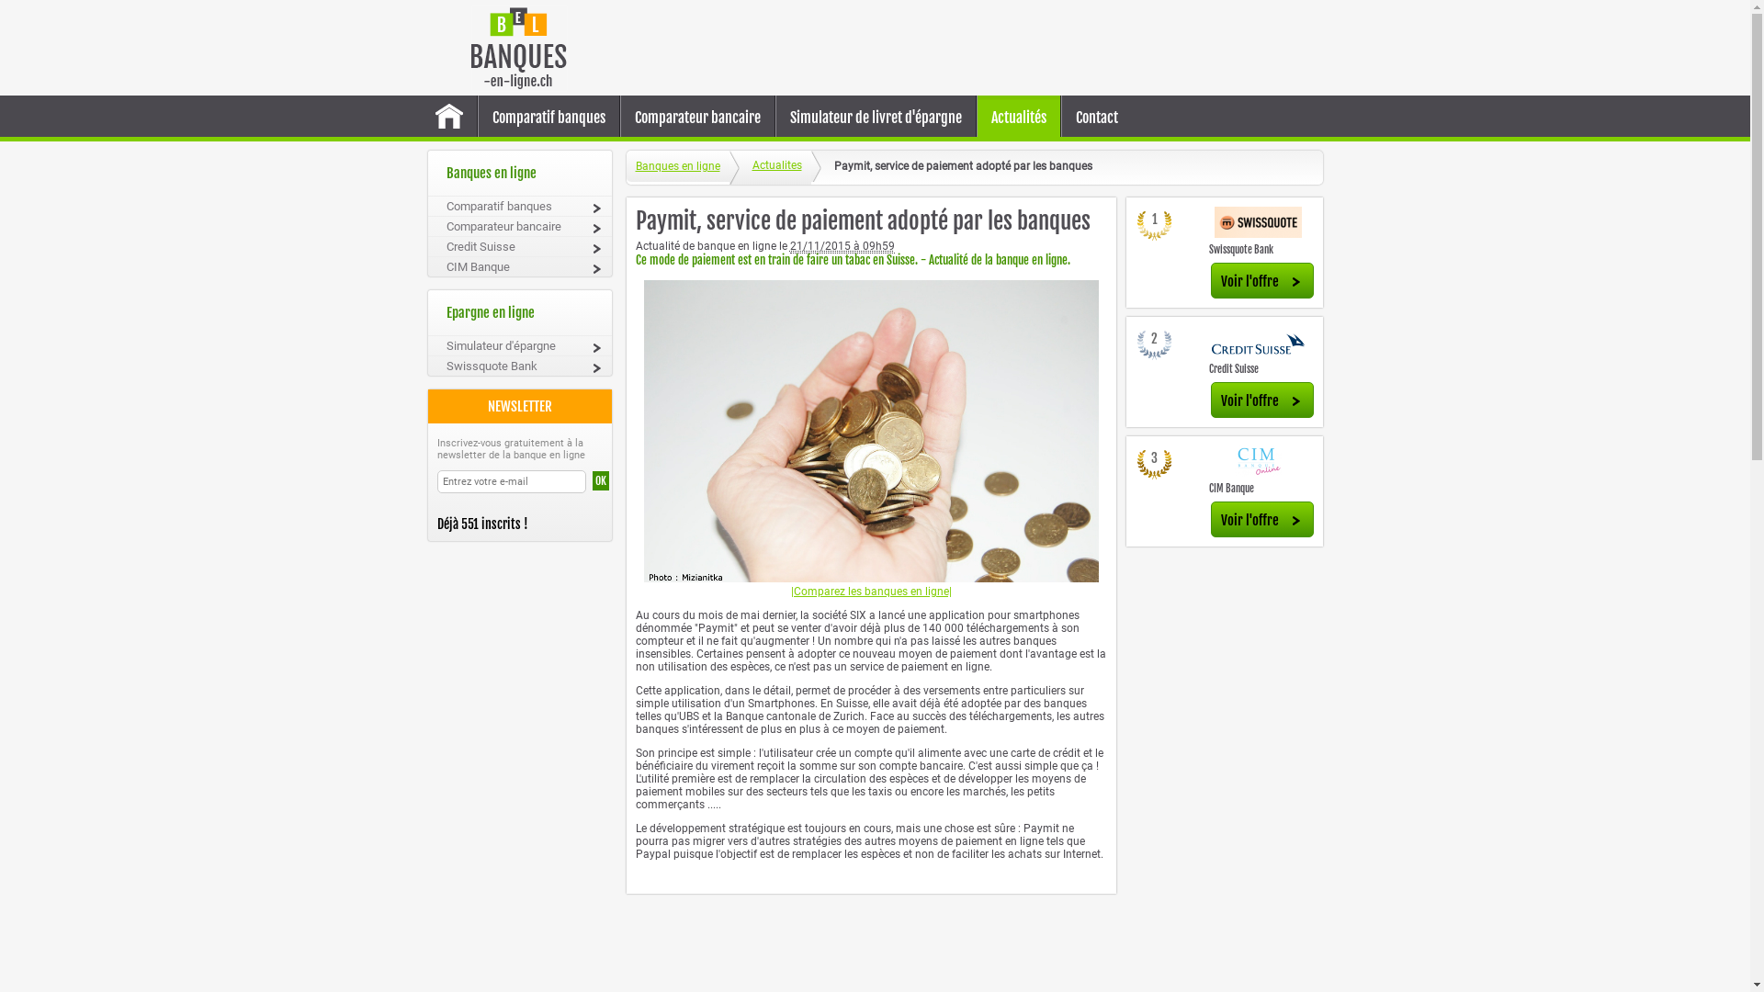 The height and width of the screenshot is (992, 1764). I want to click on 'Contact', so click(1062, 118).